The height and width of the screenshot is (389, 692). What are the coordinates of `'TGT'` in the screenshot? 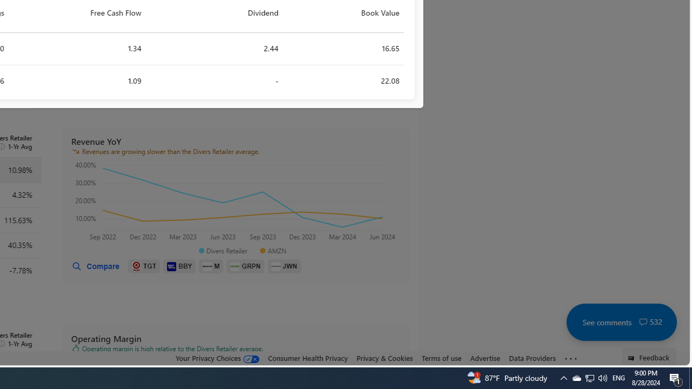 It's located at (143, 266).